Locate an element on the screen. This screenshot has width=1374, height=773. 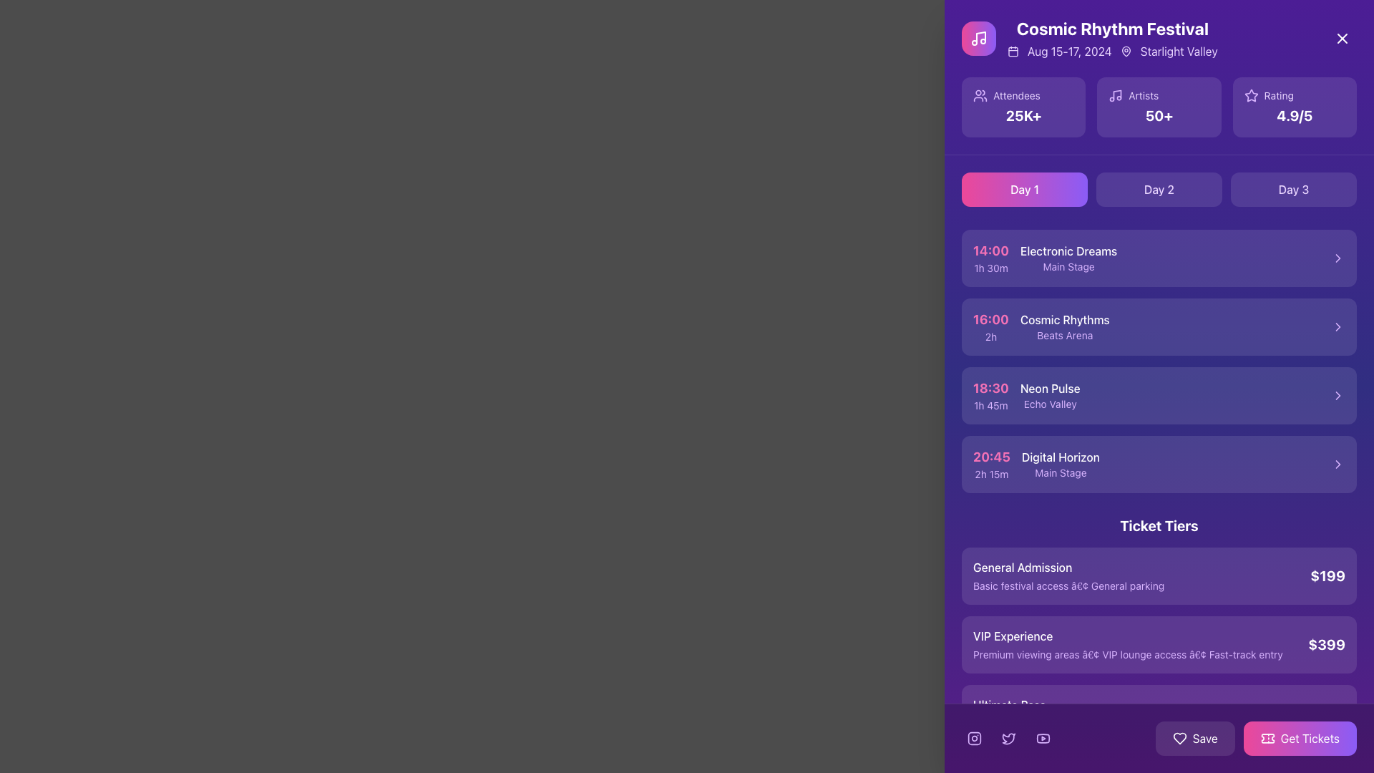
the static text displaying the cost of the 'VIP Experience' ticket, which is the second price listed in the 'Ticket Tiers' section is located at coordinates (1326, 645).